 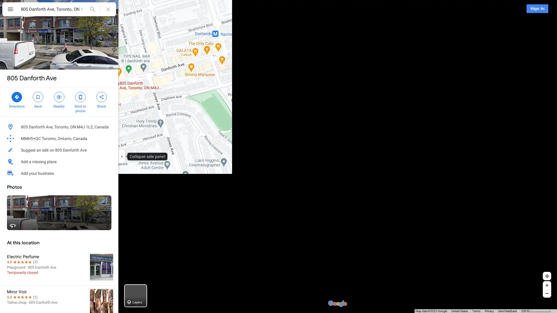 I want to click on Layers, so click(x=135, y=296).